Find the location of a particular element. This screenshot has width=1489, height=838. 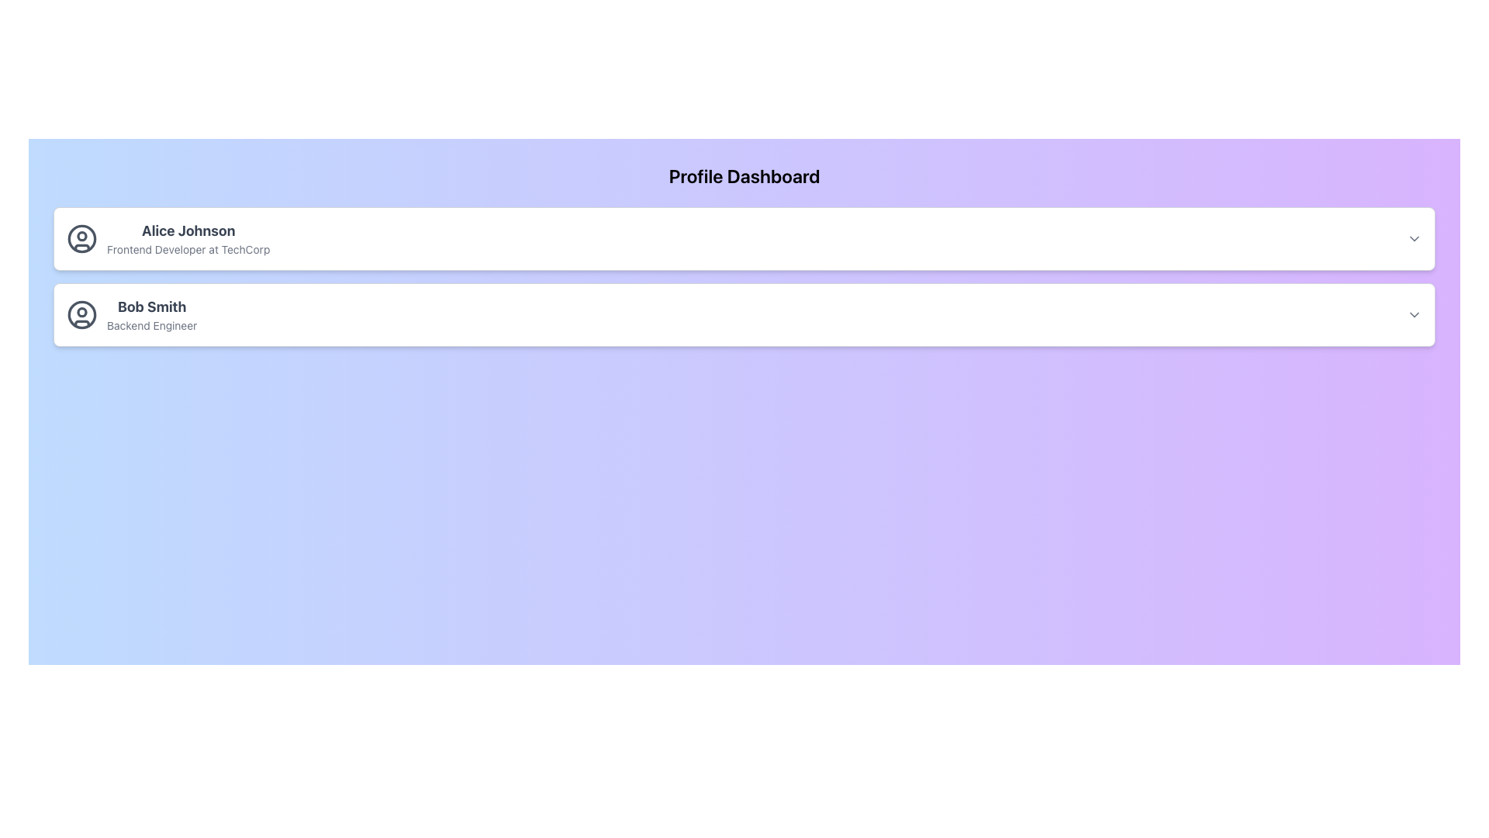

the multi-line text content that displays 'Alice Johnson' and 'Frontend Developer at TechCorp', located within the first profile card box under the 'Profile Dashboard' text is located at coordinates (188, 239).